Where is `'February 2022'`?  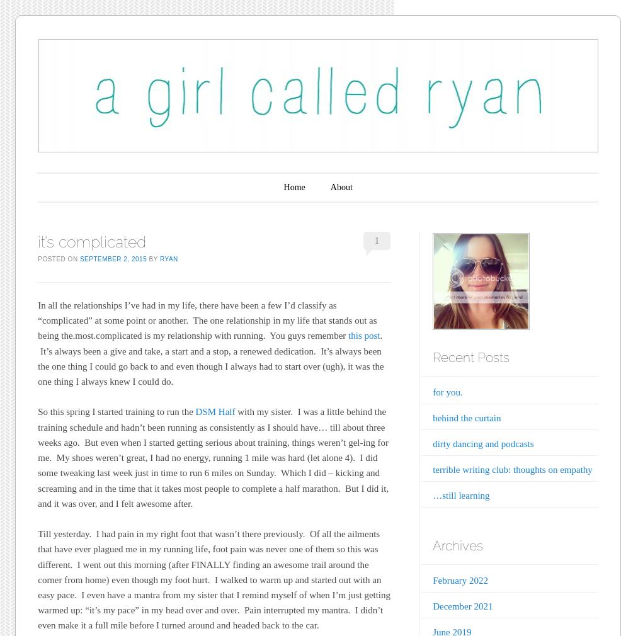 'February 2022' is located at coordinates (460, 580).